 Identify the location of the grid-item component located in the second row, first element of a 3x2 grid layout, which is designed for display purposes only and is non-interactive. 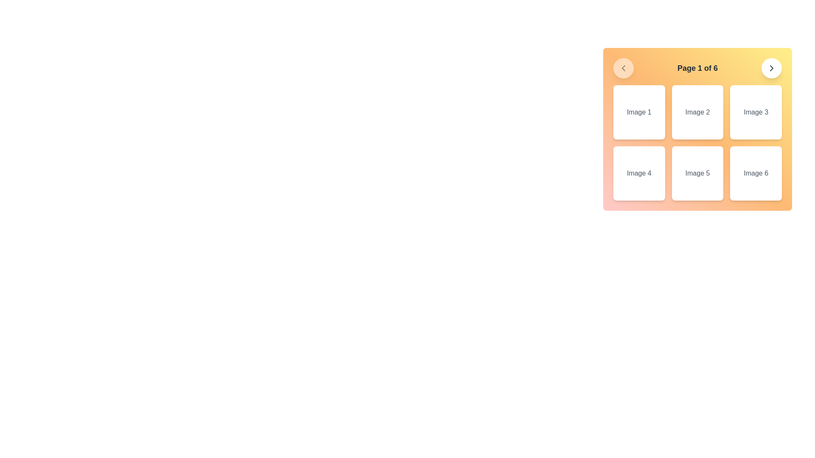
(639, 173).